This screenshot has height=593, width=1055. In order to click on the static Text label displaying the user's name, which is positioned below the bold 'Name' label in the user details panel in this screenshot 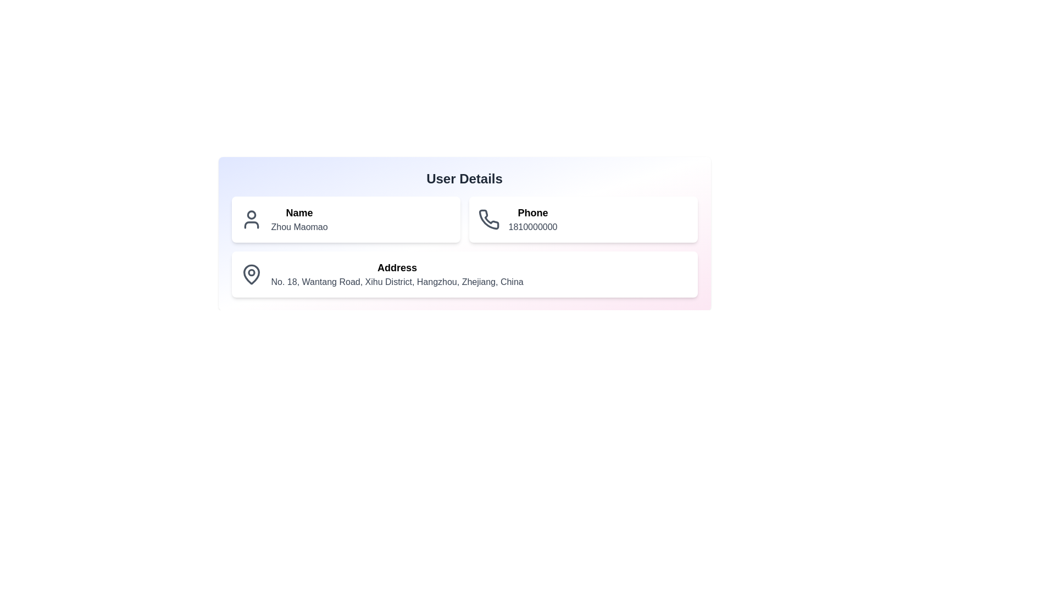, I will do `click(299, 226)`.